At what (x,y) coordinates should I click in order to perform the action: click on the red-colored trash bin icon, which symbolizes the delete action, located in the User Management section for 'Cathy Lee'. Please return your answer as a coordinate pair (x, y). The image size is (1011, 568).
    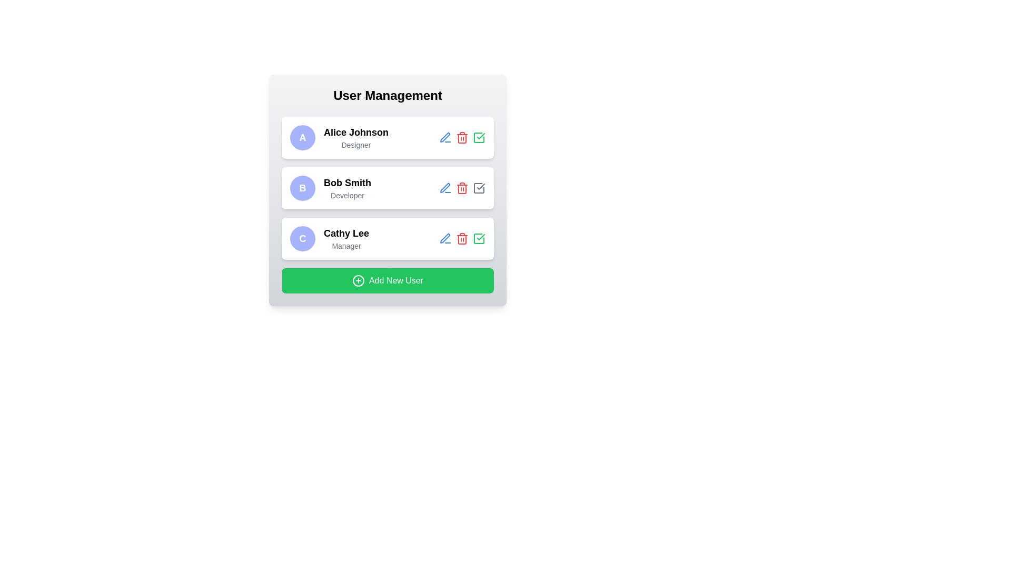
    Looking at the image, I should click on (462, 239).